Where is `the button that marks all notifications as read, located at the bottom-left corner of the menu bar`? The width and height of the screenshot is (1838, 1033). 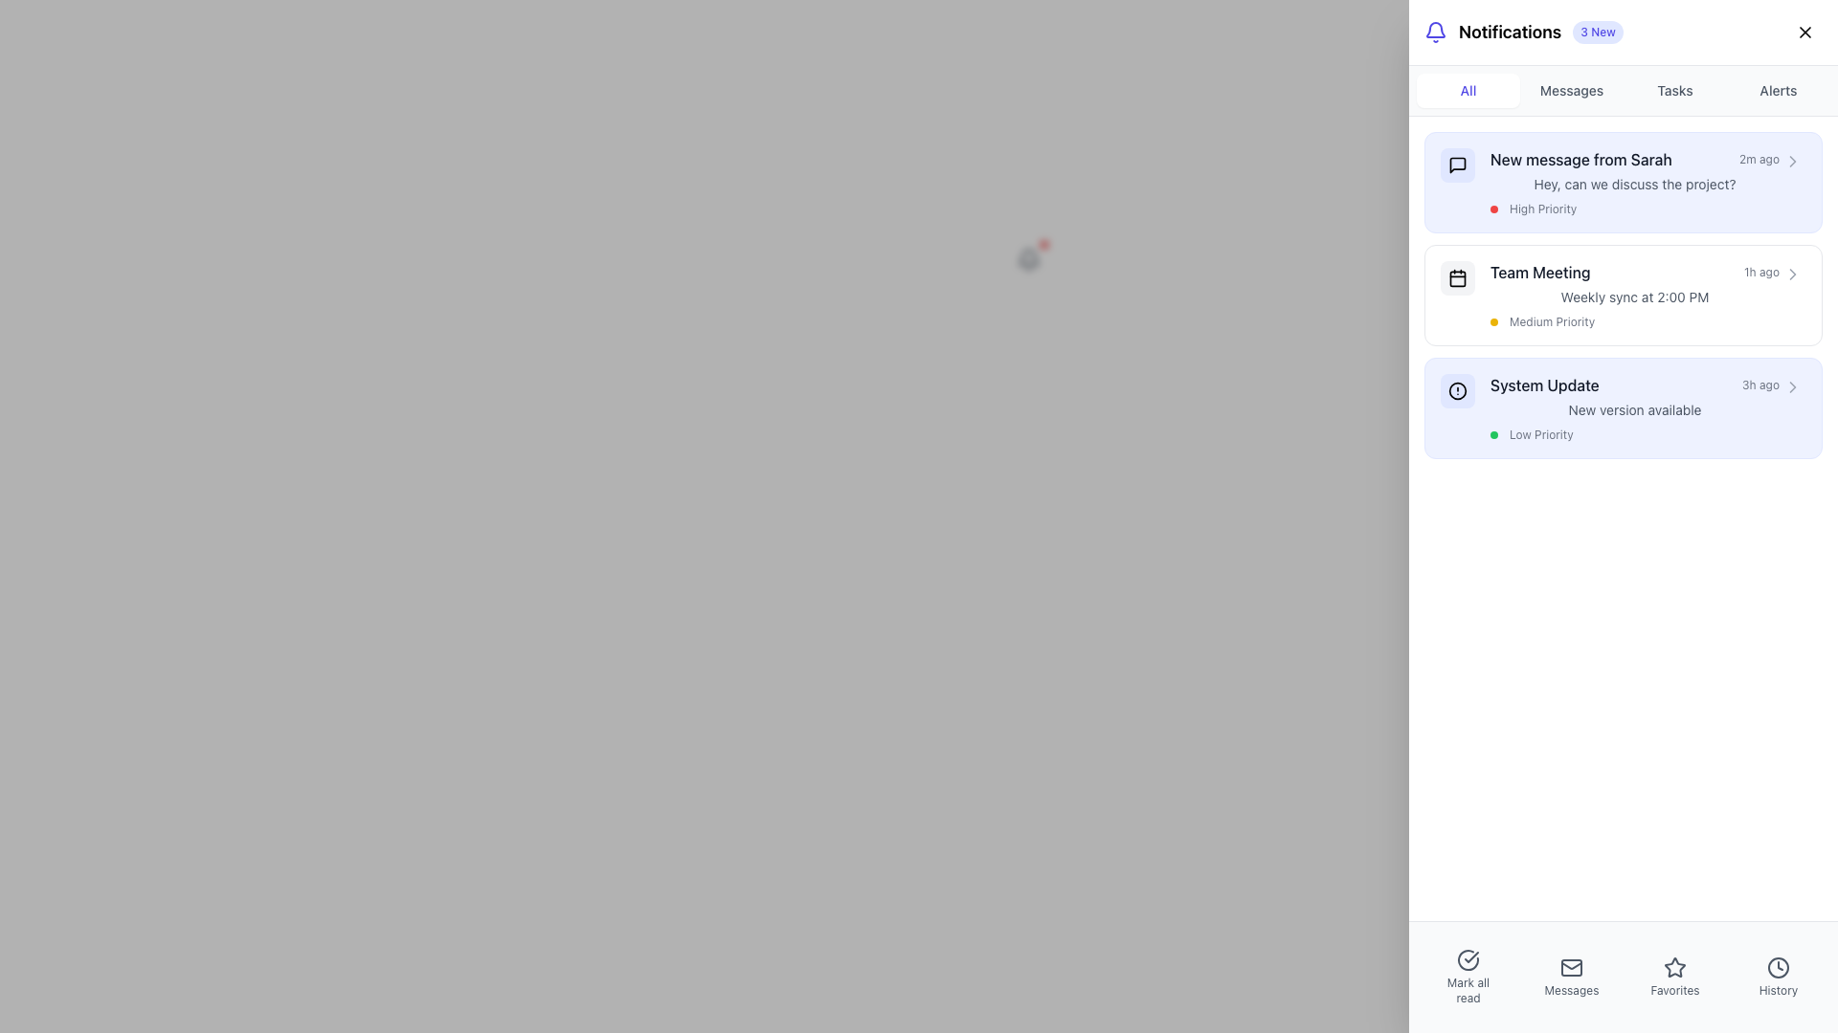
the button that marks all notifications as read, located at the bottom-left corner of the menu bar is located at coordinates (1468, 959).